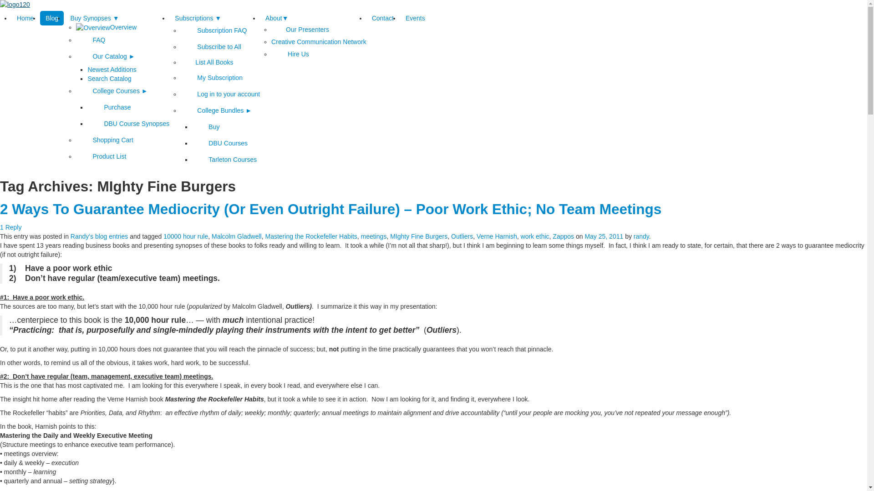 Image resolution: width=874 pixels, height=491 pixels. What do you see at coordinates (382, 18) in the screenshot?
I see `'Contact'` at bounding box center [382, 18].